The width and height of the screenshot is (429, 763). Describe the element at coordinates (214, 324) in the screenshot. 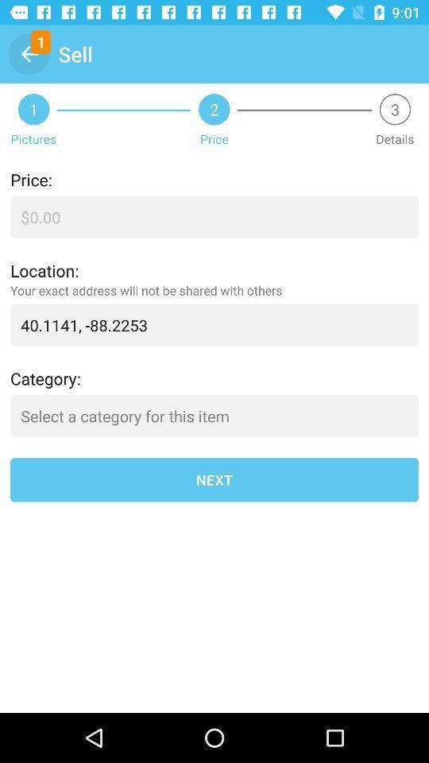

I see `40 1141 88 item` at that location.